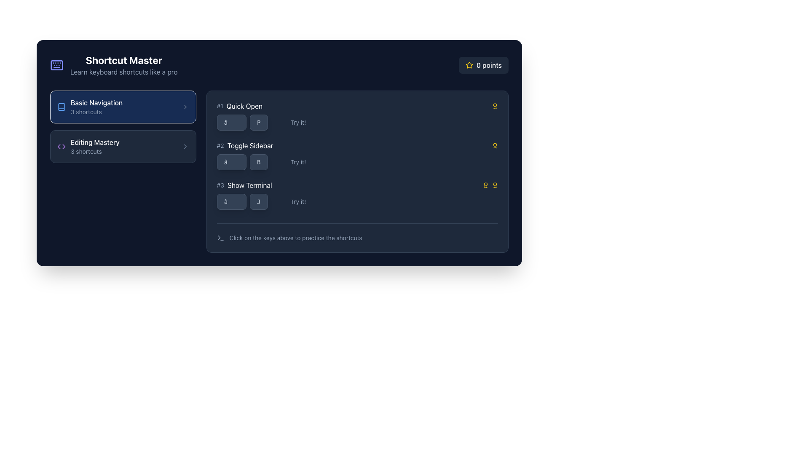 This screenshot has height=455, width=809. I want to click on the Icon group that indicates achievement or awards, located in the top-right corner of the '#3 Show Terminal' row, so click(490, 185).